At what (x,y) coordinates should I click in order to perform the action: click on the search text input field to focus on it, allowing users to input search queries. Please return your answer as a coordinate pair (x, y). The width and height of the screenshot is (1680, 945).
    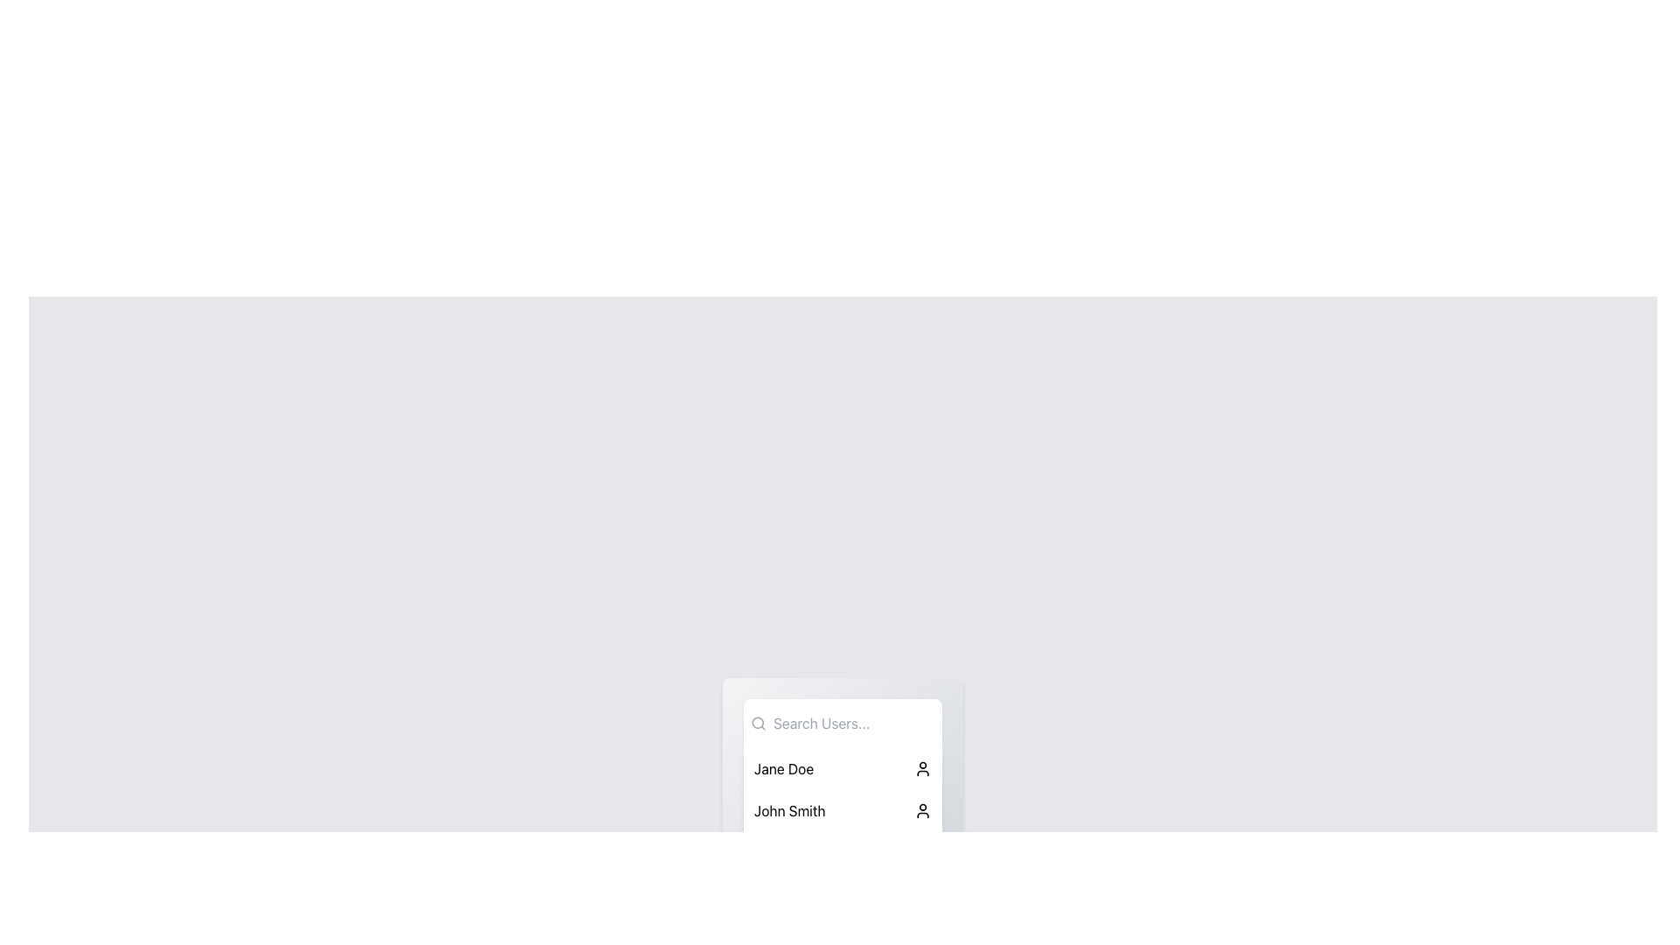
    Looking at the image, I should click on (850, 723).